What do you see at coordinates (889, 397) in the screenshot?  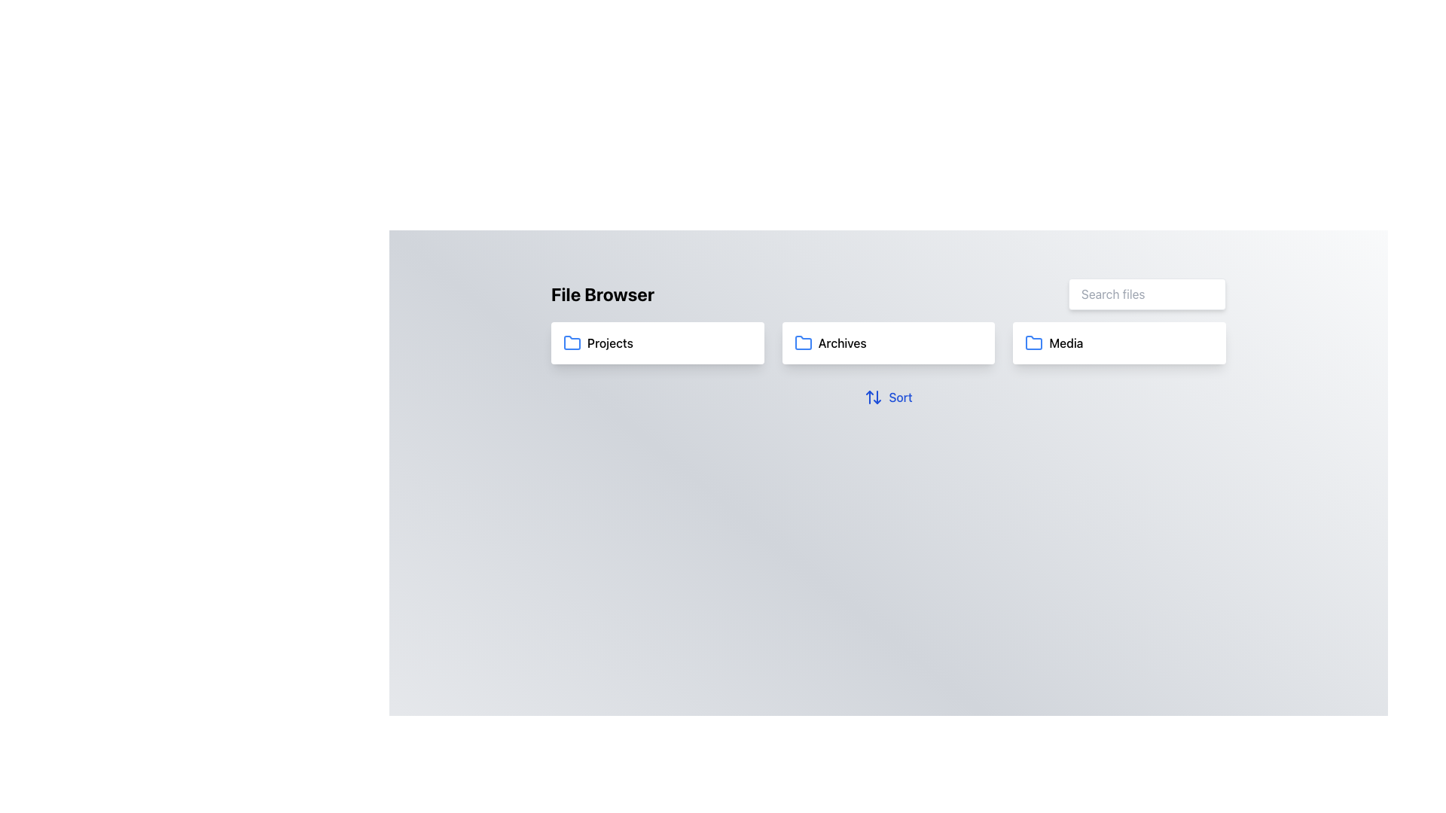 I see `the sorting button` at bounding box center [889, 397].